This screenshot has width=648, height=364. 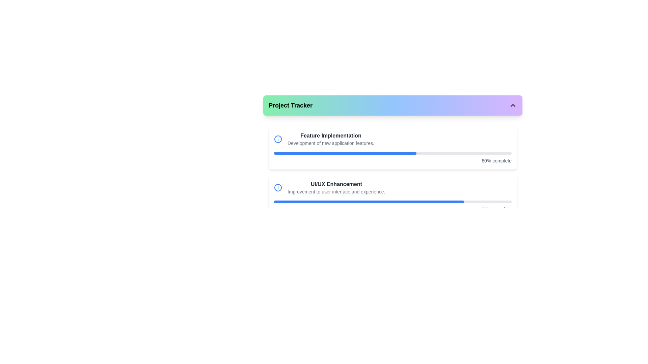 What do you see at coordinates (336, 184) in the screenshot?
I see `the Text block (heading) that serves as a title for the section labeled 'Improvement to user interface and experience.'` at bounding box center [336, 184].